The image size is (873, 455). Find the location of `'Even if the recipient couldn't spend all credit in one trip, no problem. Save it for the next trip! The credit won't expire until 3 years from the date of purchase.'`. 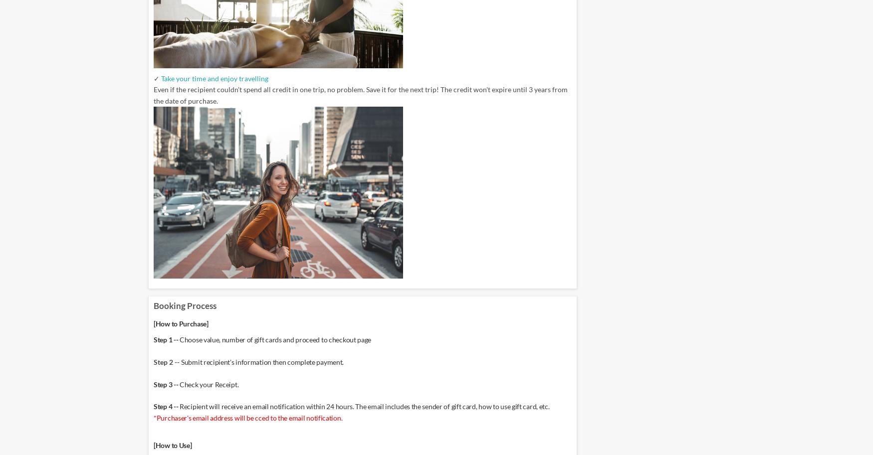

'Even if the recipient couldn't spend all credit in one trip, no problem. Save it for the next trip! The credit won't expire until 3 years from the date of purchase.' is located at coordinates (360, 95).